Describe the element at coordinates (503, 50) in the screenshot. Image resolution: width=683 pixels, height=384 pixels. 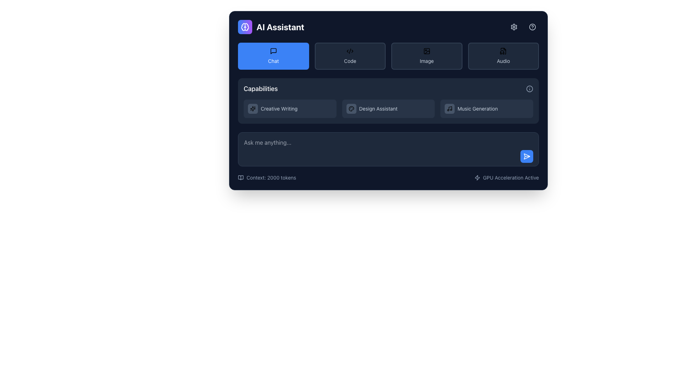
I see `the audio functionalities icon located at the top of the 'Audio' button` at that location.